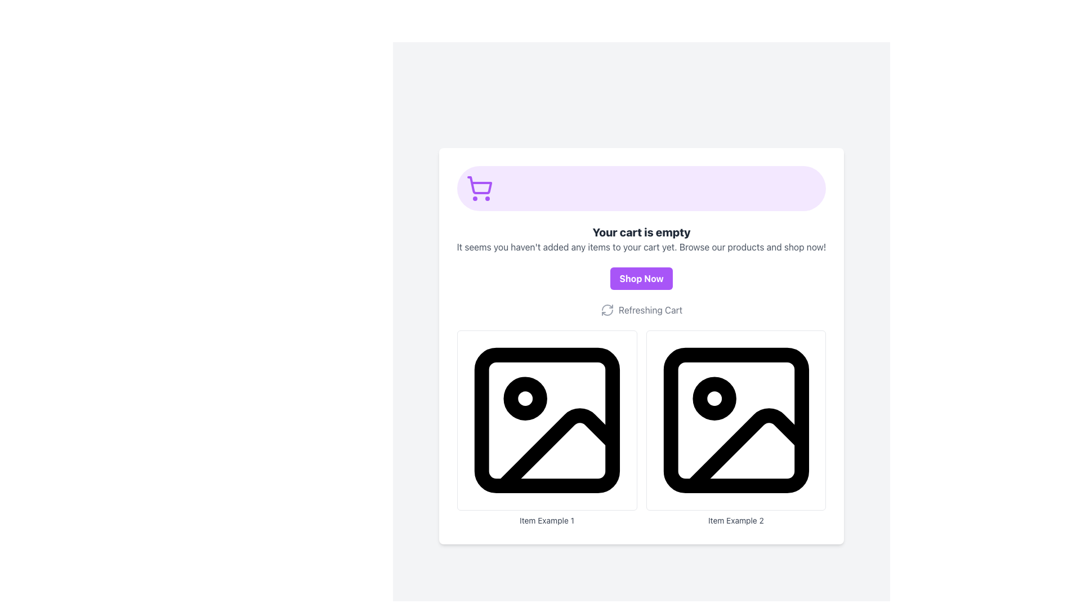 This screenshot has width=1081, height=608. Describe the element at coordinates (606, 307) in the screenshot. I see `first segment of the circular arrow vector graphic styled as a minimalistic icon above the 'Refreshing Cart' text for developer tools` at that location.